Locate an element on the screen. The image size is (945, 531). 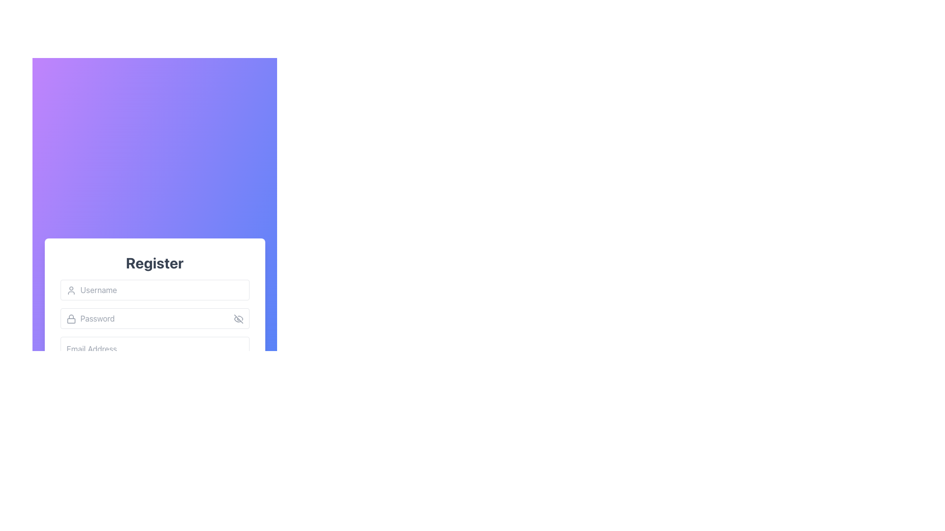
the user profile icon located to the left of the username input box, which is styled in gray and indicates a user or login-related field is located at coordinates (70, 290).